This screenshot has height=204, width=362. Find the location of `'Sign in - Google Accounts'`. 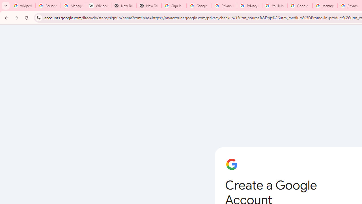

'Sign in - Google Accounts' is located at coordinates (174, 6).